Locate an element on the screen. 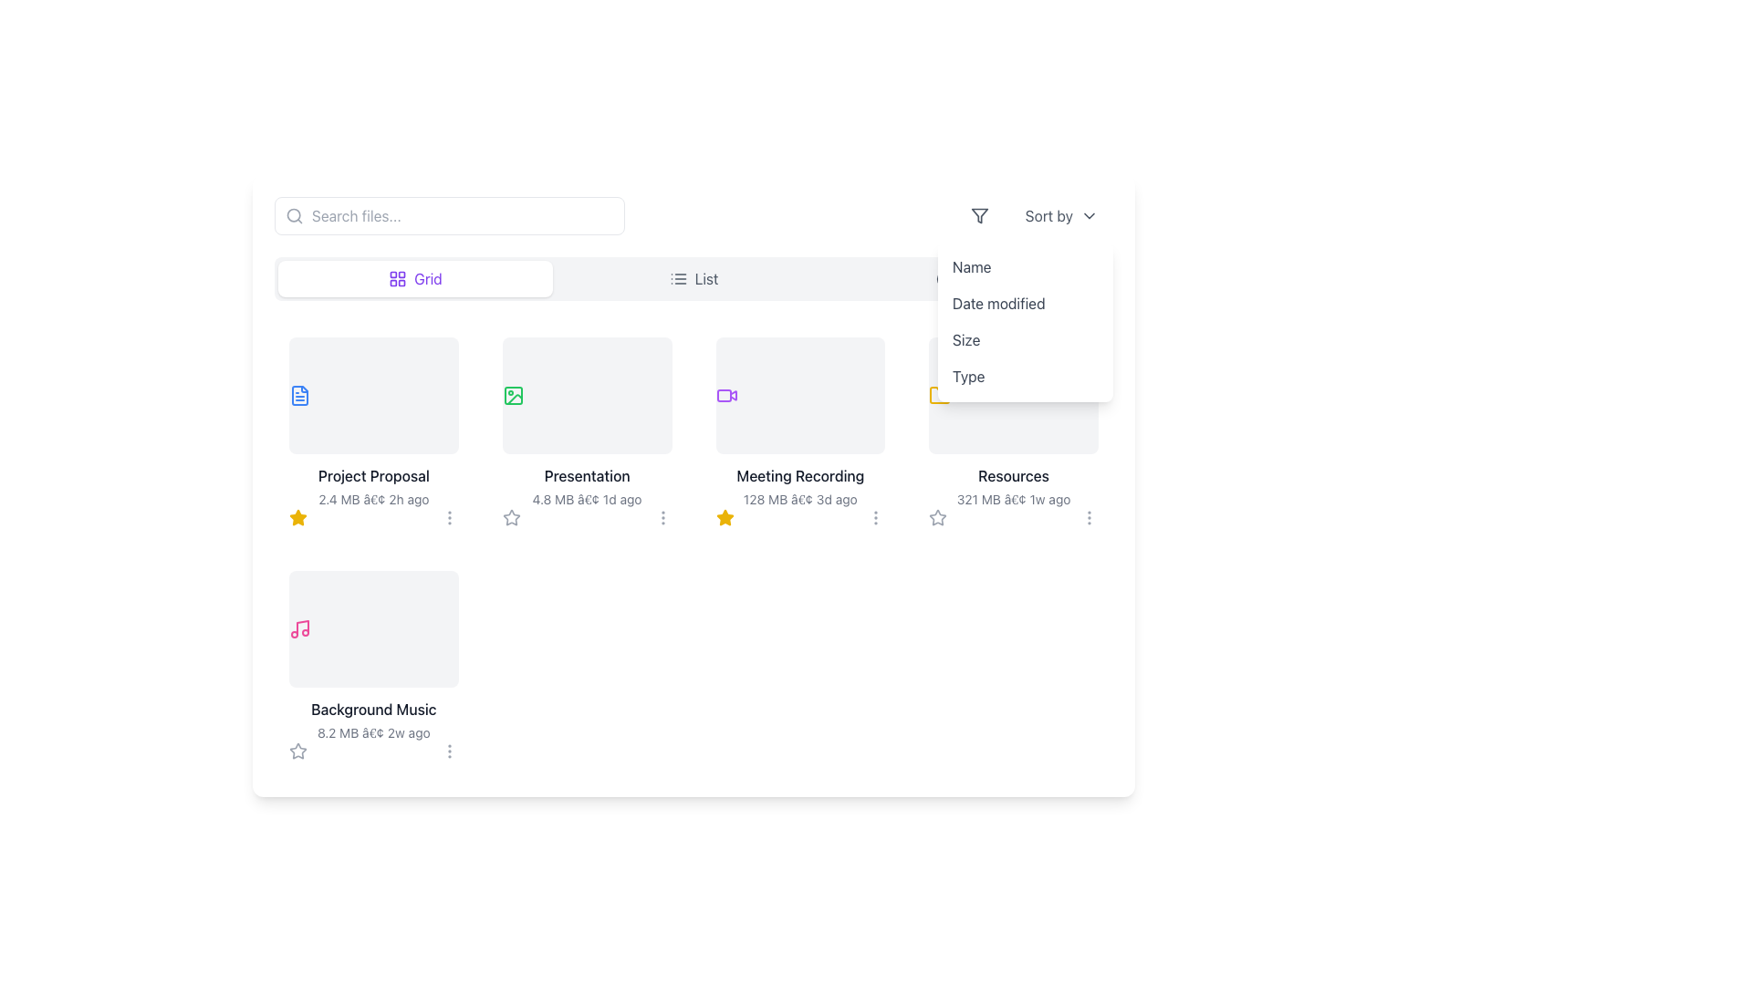  the recorded meeting file icon located within the 'Meeting Recording' card, which is the third item from the left in the top row of the file list is located at coordinates (725, 395).